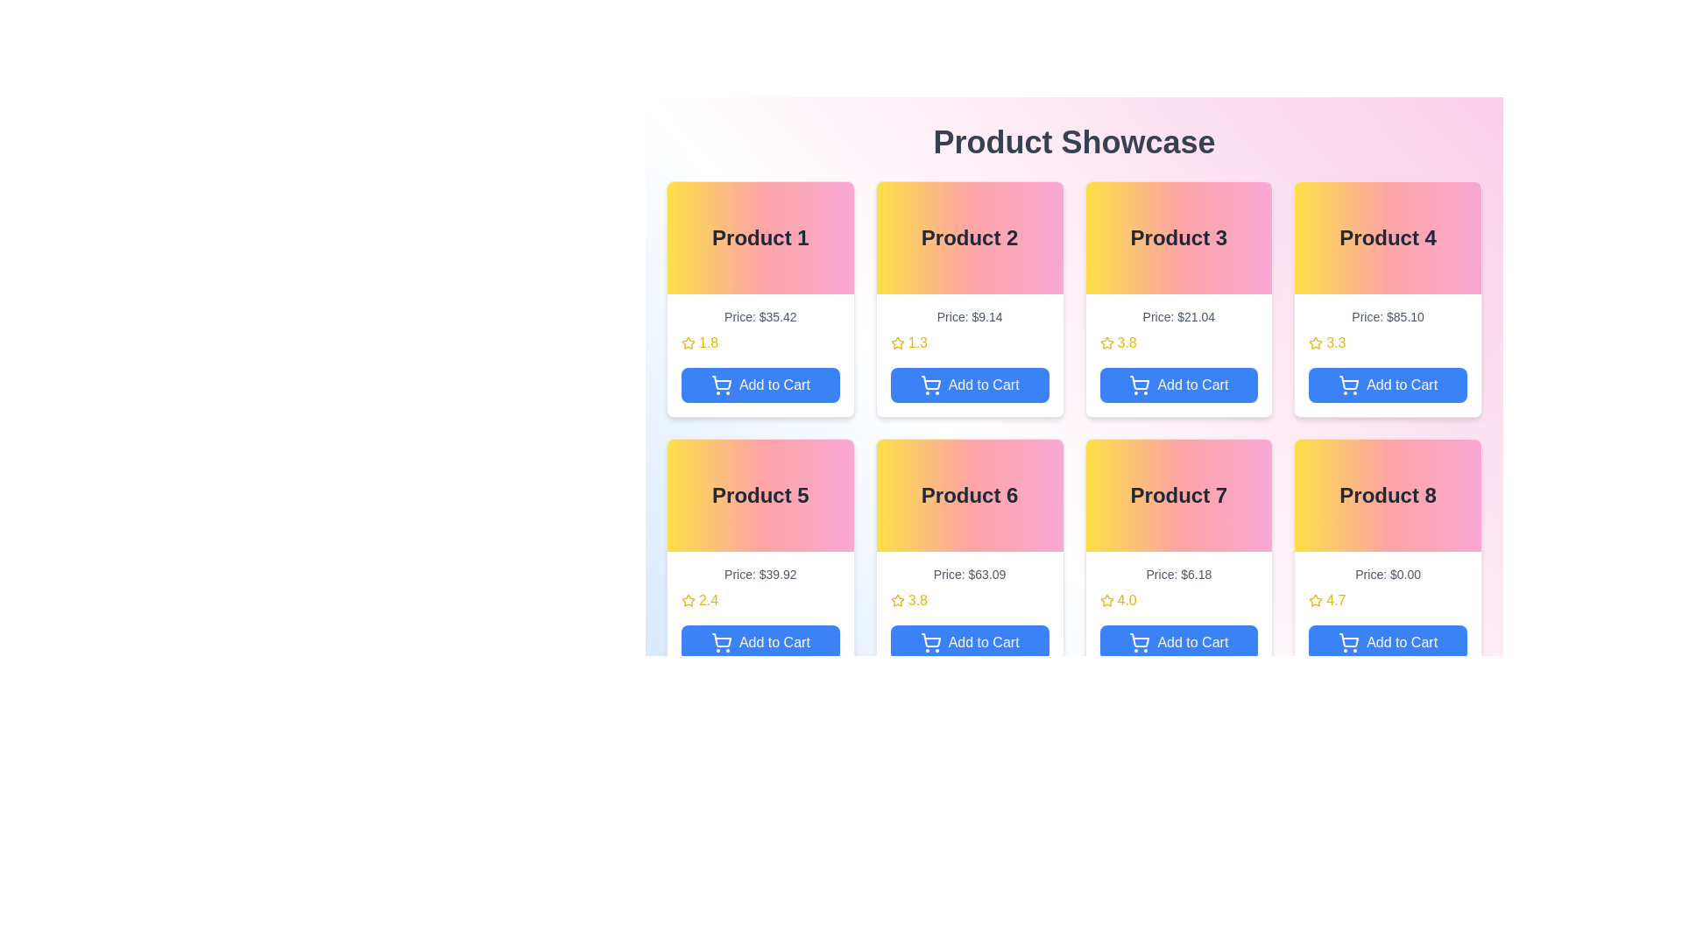 This screenshot has width=1682, height=946. I want to click on the star-shaped icon outlined in golden color, located below the 'Product 5' title and price label, in the rating section of the product card, so click(688, 599).